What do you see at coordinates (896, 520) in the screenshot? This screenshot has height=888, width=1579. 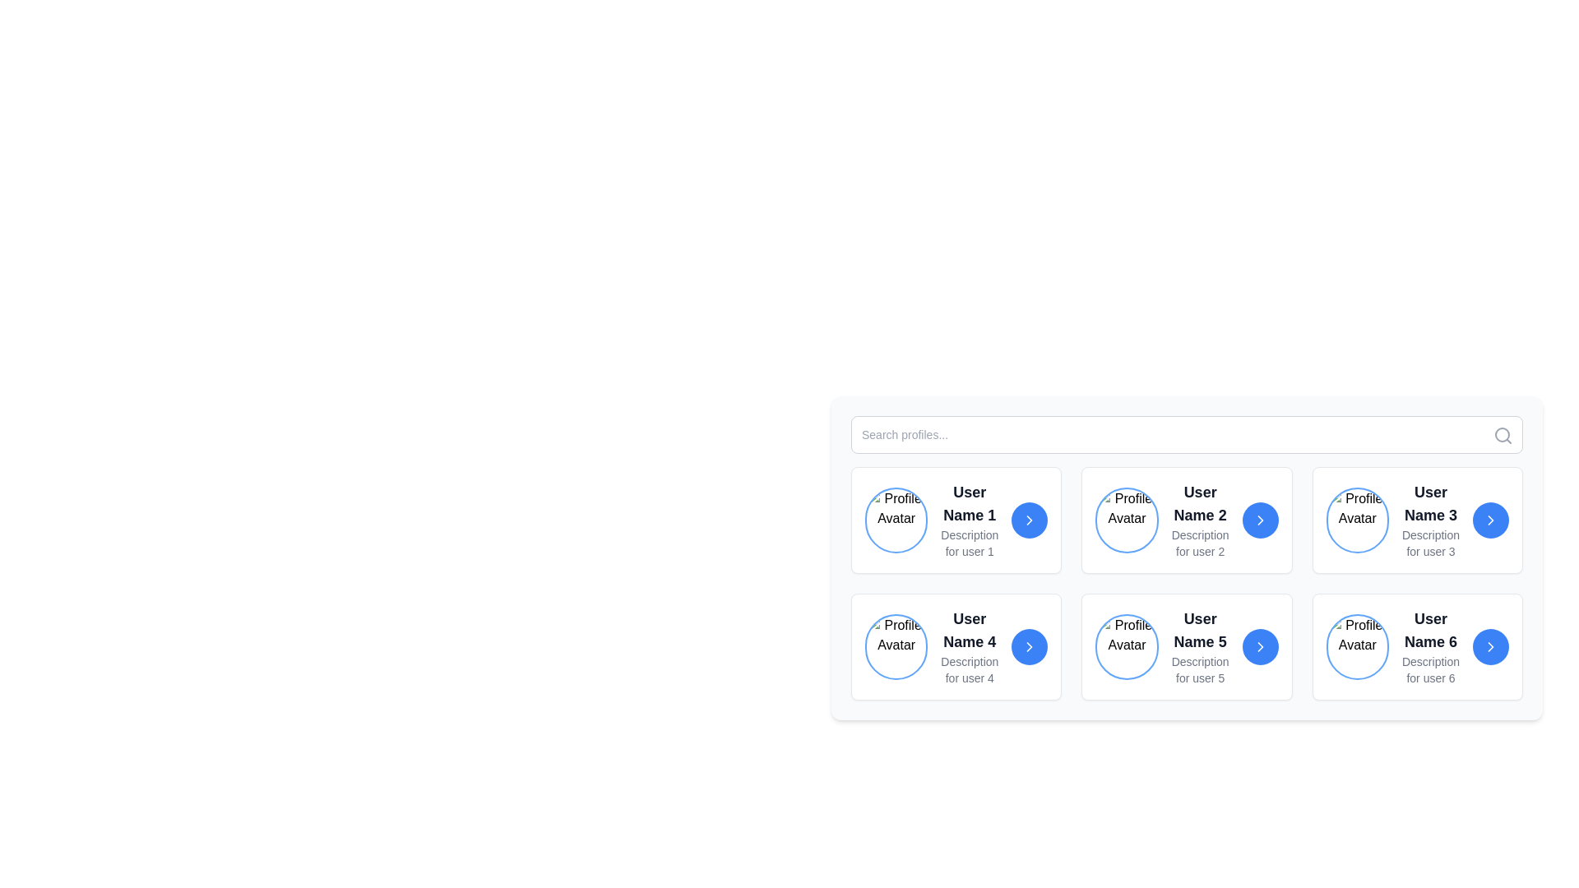 I see `the user profile image located at the top left of the list item for 'User Name 1' to trigger a tooltip` at bounding box center [896, 520].